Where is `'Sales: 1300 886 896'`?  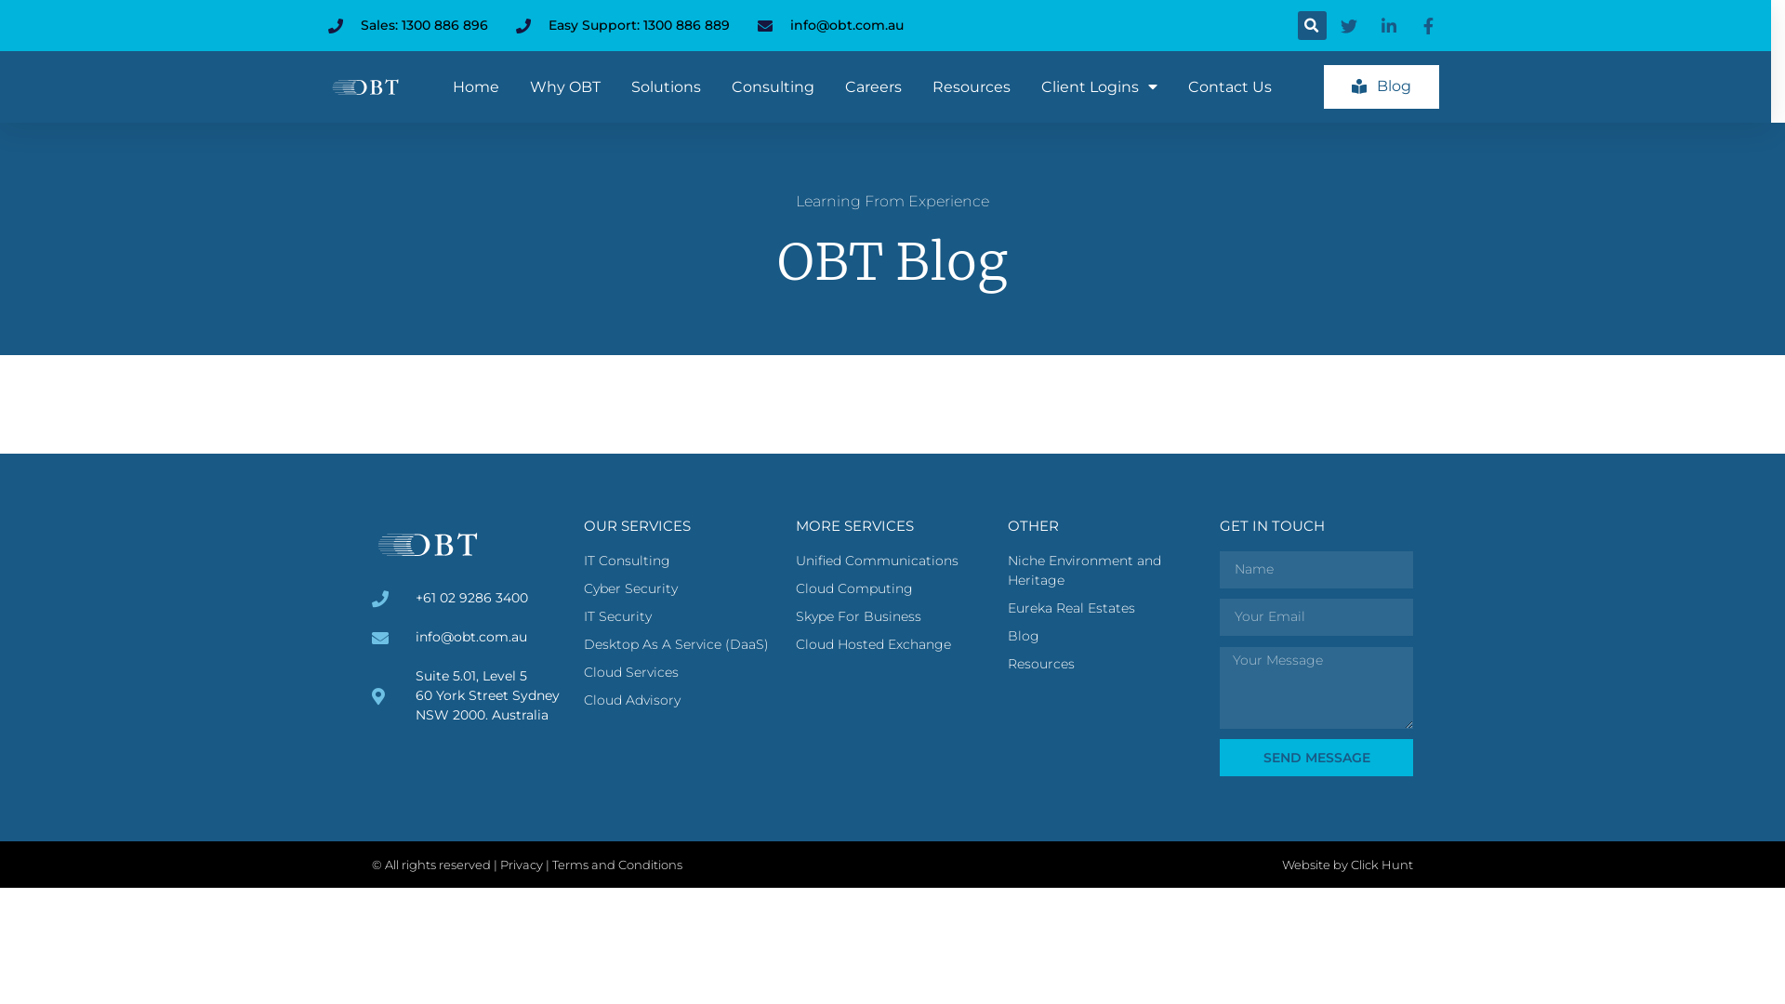 'Sales: 1300 886 896' is located at coordinates (326, 25).